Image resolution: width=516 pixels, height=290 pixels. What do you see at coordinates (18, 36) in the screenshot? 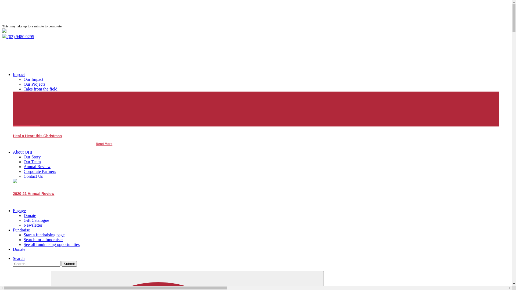
I see `'(02) 9480 9295'` at bounding box center [18, 36].